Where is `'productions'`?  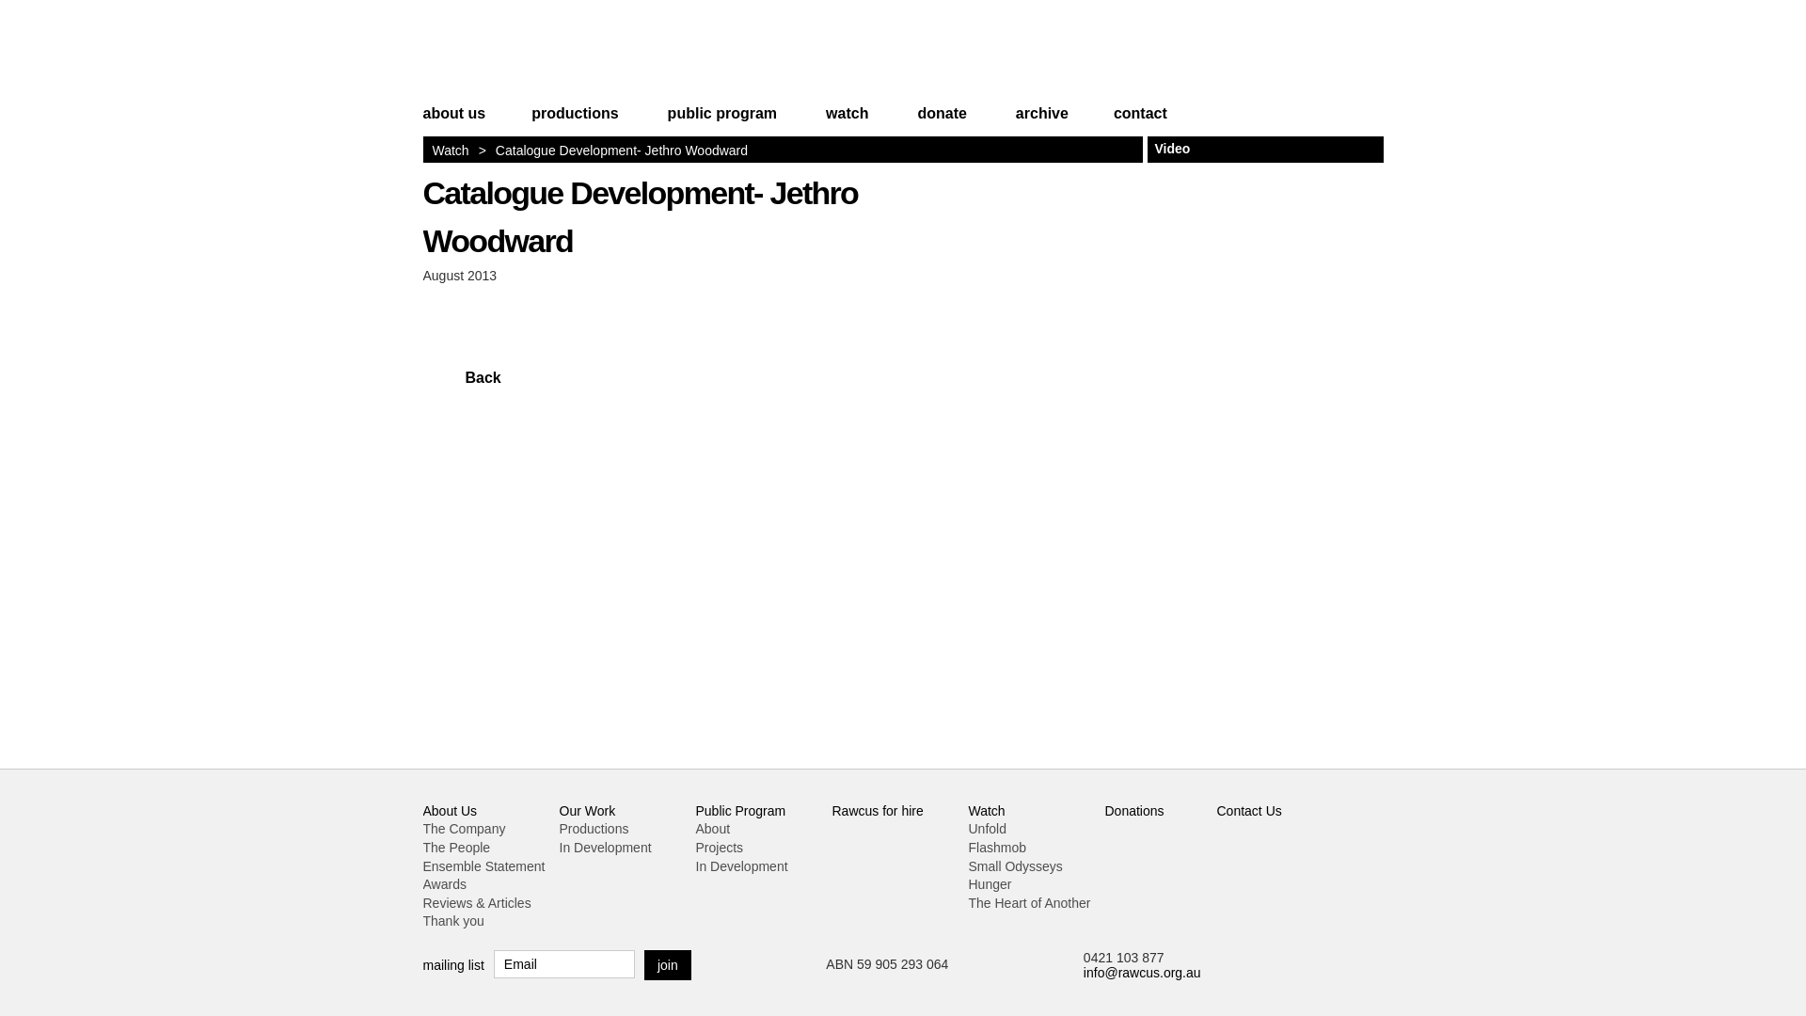 'productions' is located at coordinates (573, 121).